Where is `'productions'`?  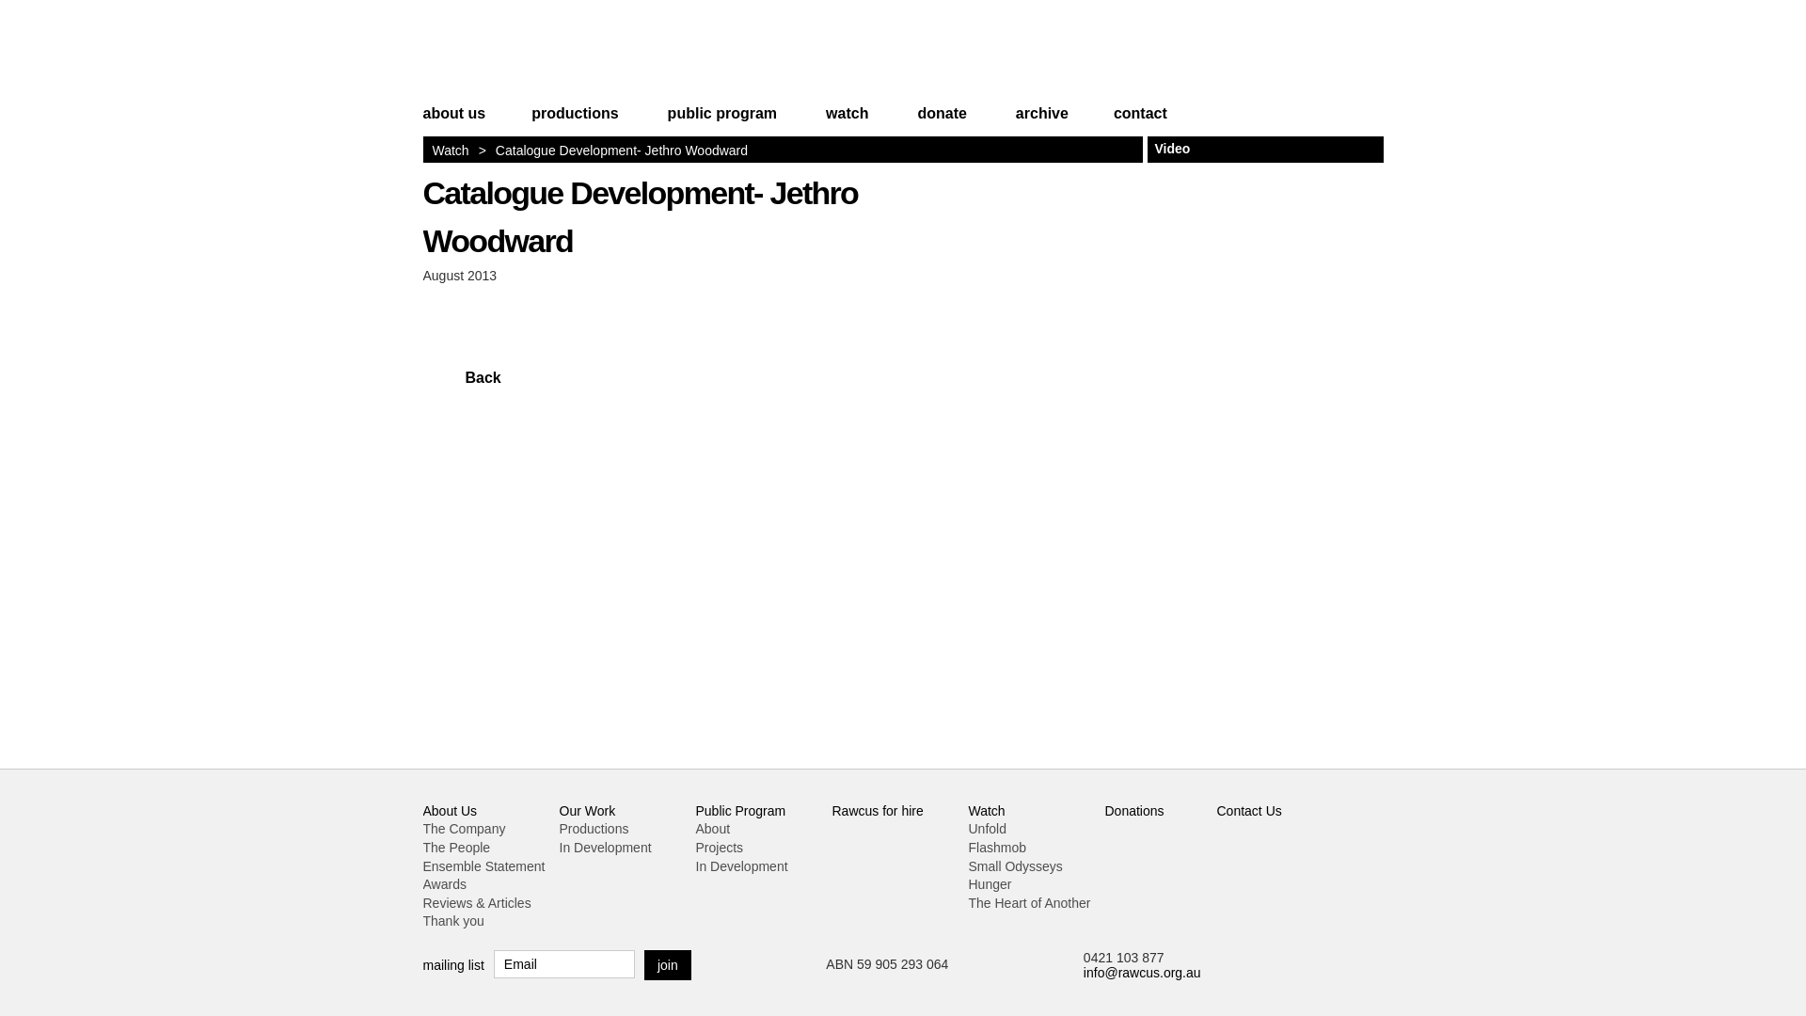 'productions' is located at coordinates (573, 121).